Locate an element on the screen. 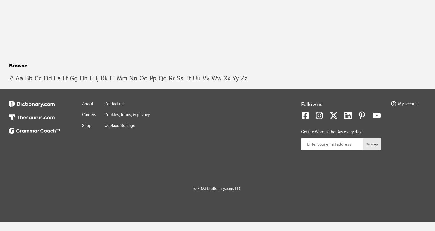  'Careers' is located at coordinates (89, 114).